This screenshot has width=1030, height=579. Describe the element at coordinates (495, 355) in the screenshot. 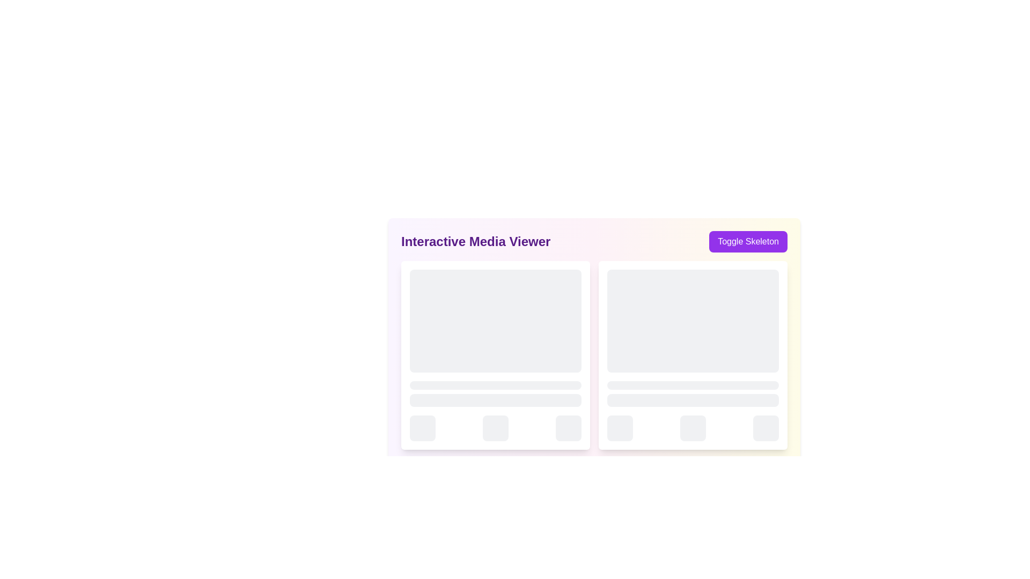

I see `the loading skeleton placeholder component located at the top-left corner of the 2x2 grid layout` at that location.